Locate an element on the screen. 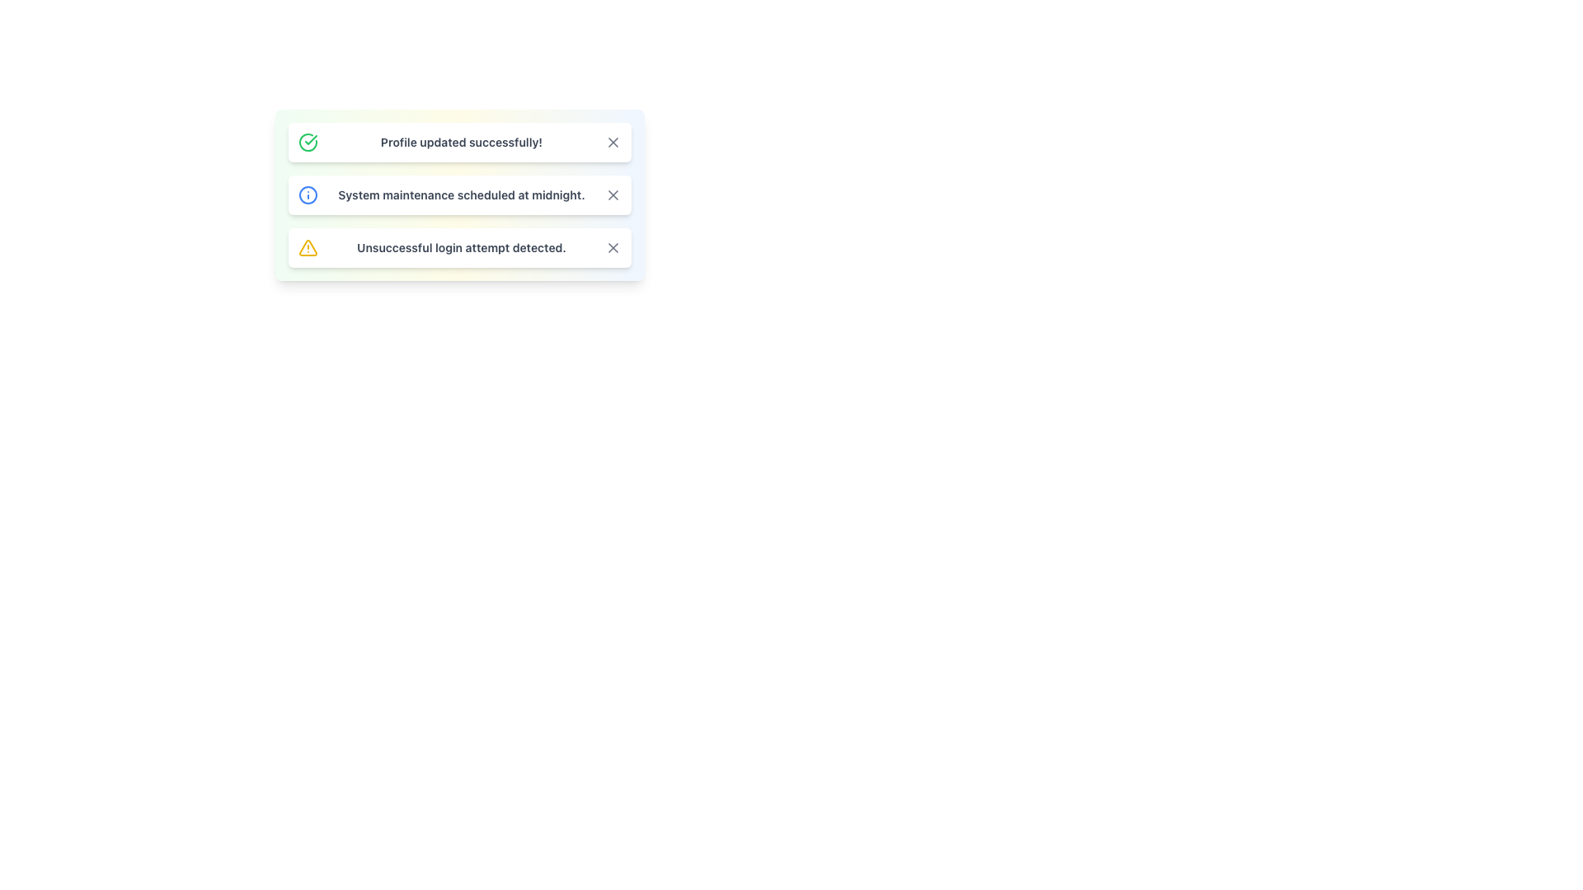  the diagonal line segment of the 'X' icon located on the right side of the third notification panel is located at coordinates (613, 247).